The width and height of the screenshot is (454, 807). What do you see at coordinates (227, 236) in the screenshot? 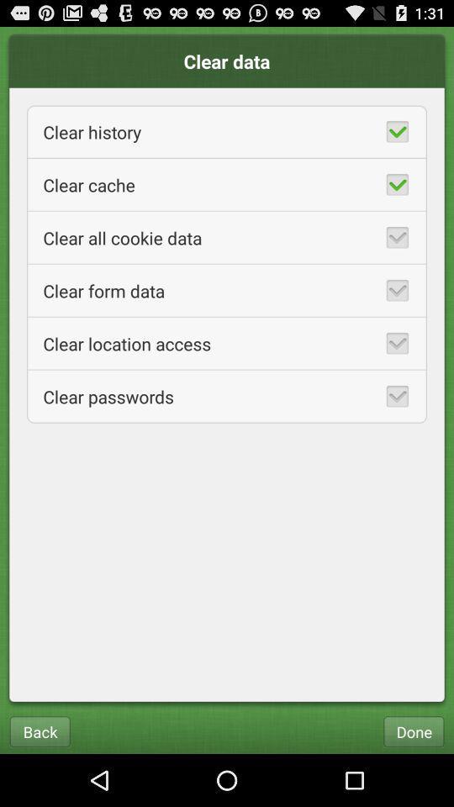
I see `icon below clear cache icon` at bounding box center [227, 236].